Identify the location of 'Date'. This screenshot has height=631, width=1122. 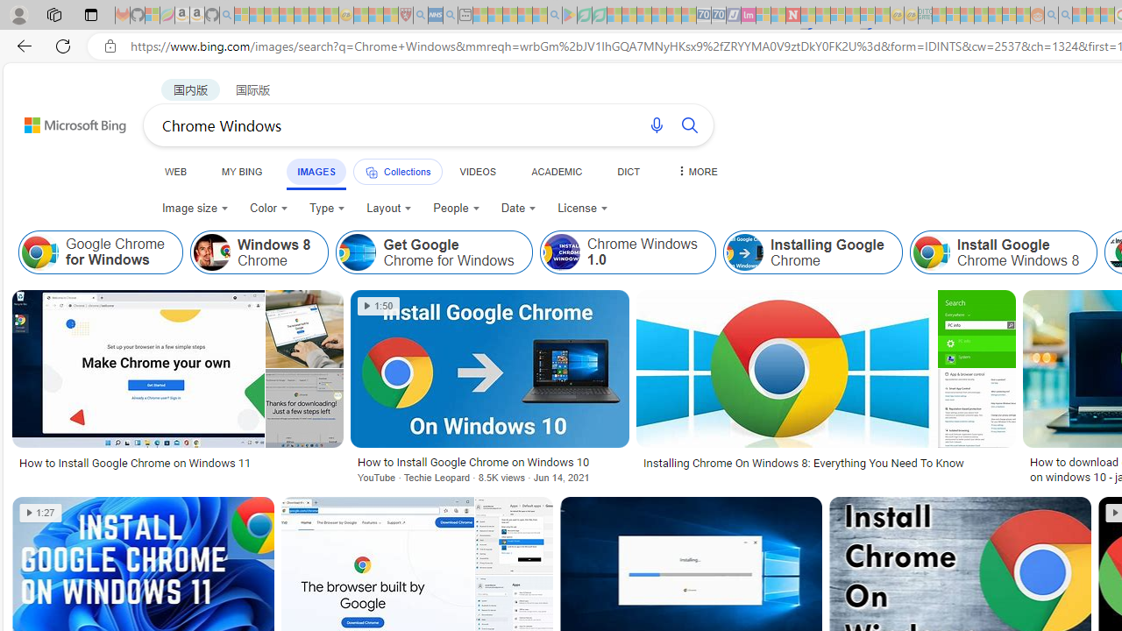
(518, 207).